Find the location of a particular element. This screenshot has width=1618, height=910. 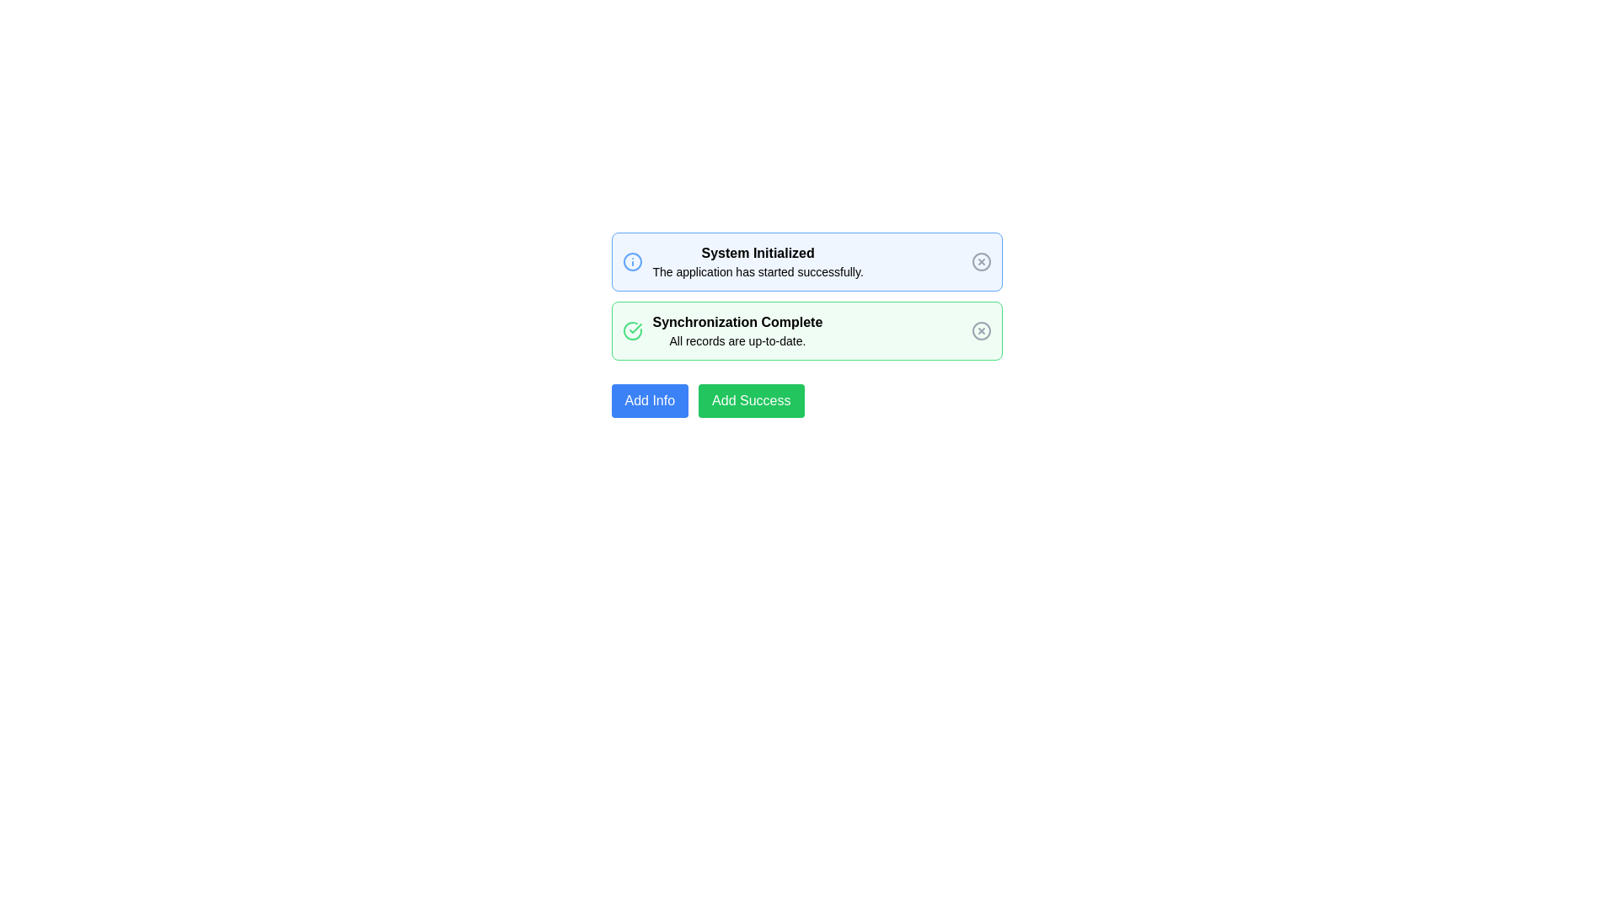

the interactive close button located at the far right of the green-highlighted notification bar titled 'Synchronization Complete' is located at coordinates (981, 331).